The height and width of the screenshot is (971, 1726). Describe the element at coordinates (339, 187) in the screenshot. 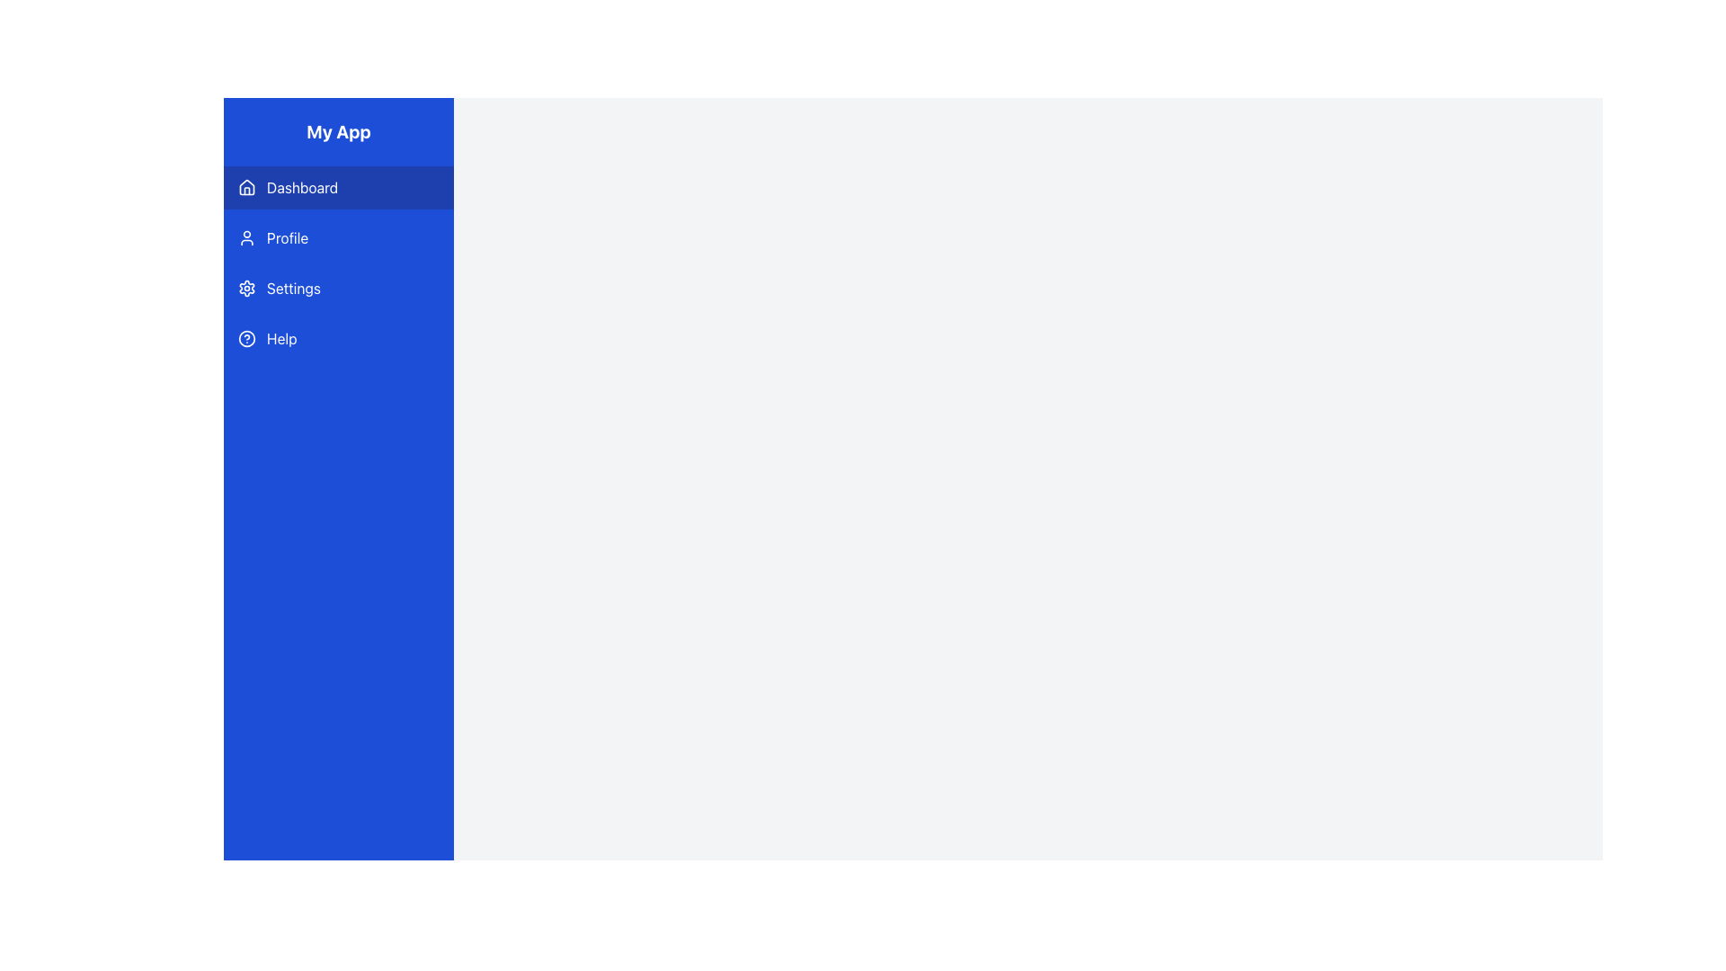

I see `the Navigation Button located at the top left of the sidebar, just below the title 'My App'` at that location.